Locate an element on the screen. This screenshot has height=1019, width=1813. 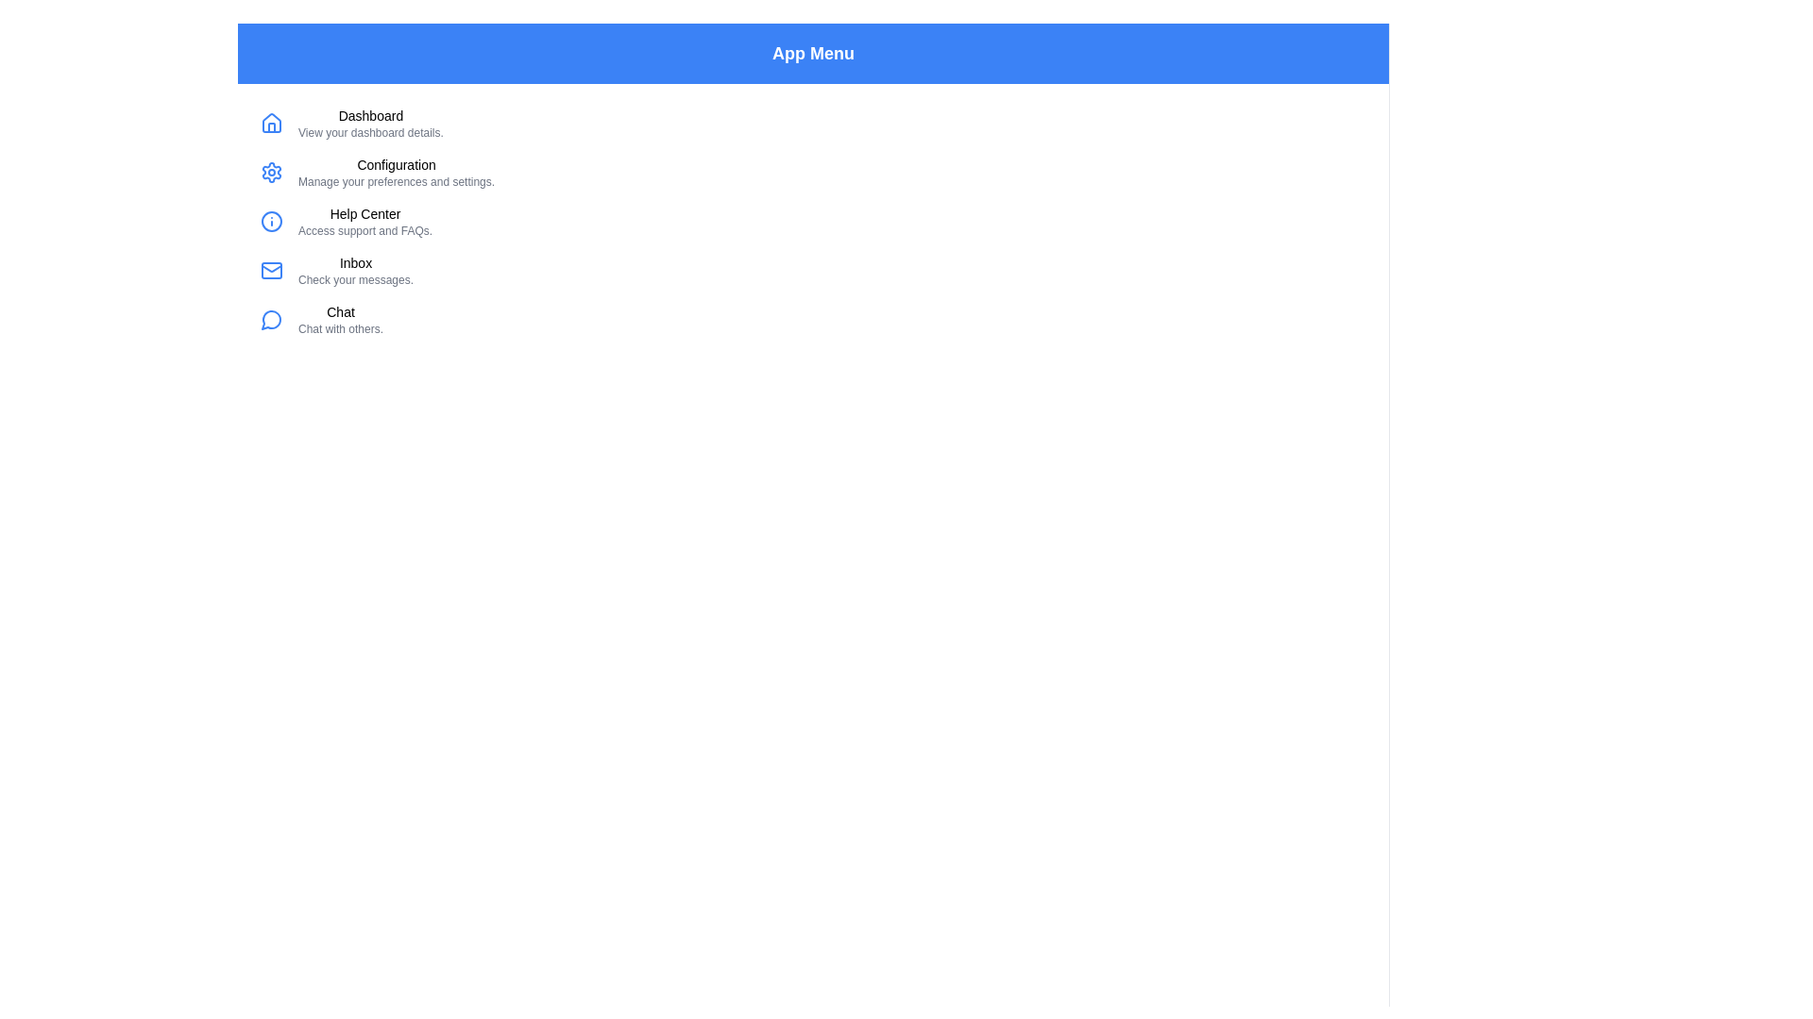
the text label that serves as the header for the support and FAQs functionalities, located centrally on the menu list interface is located at coordinates (365, 213).